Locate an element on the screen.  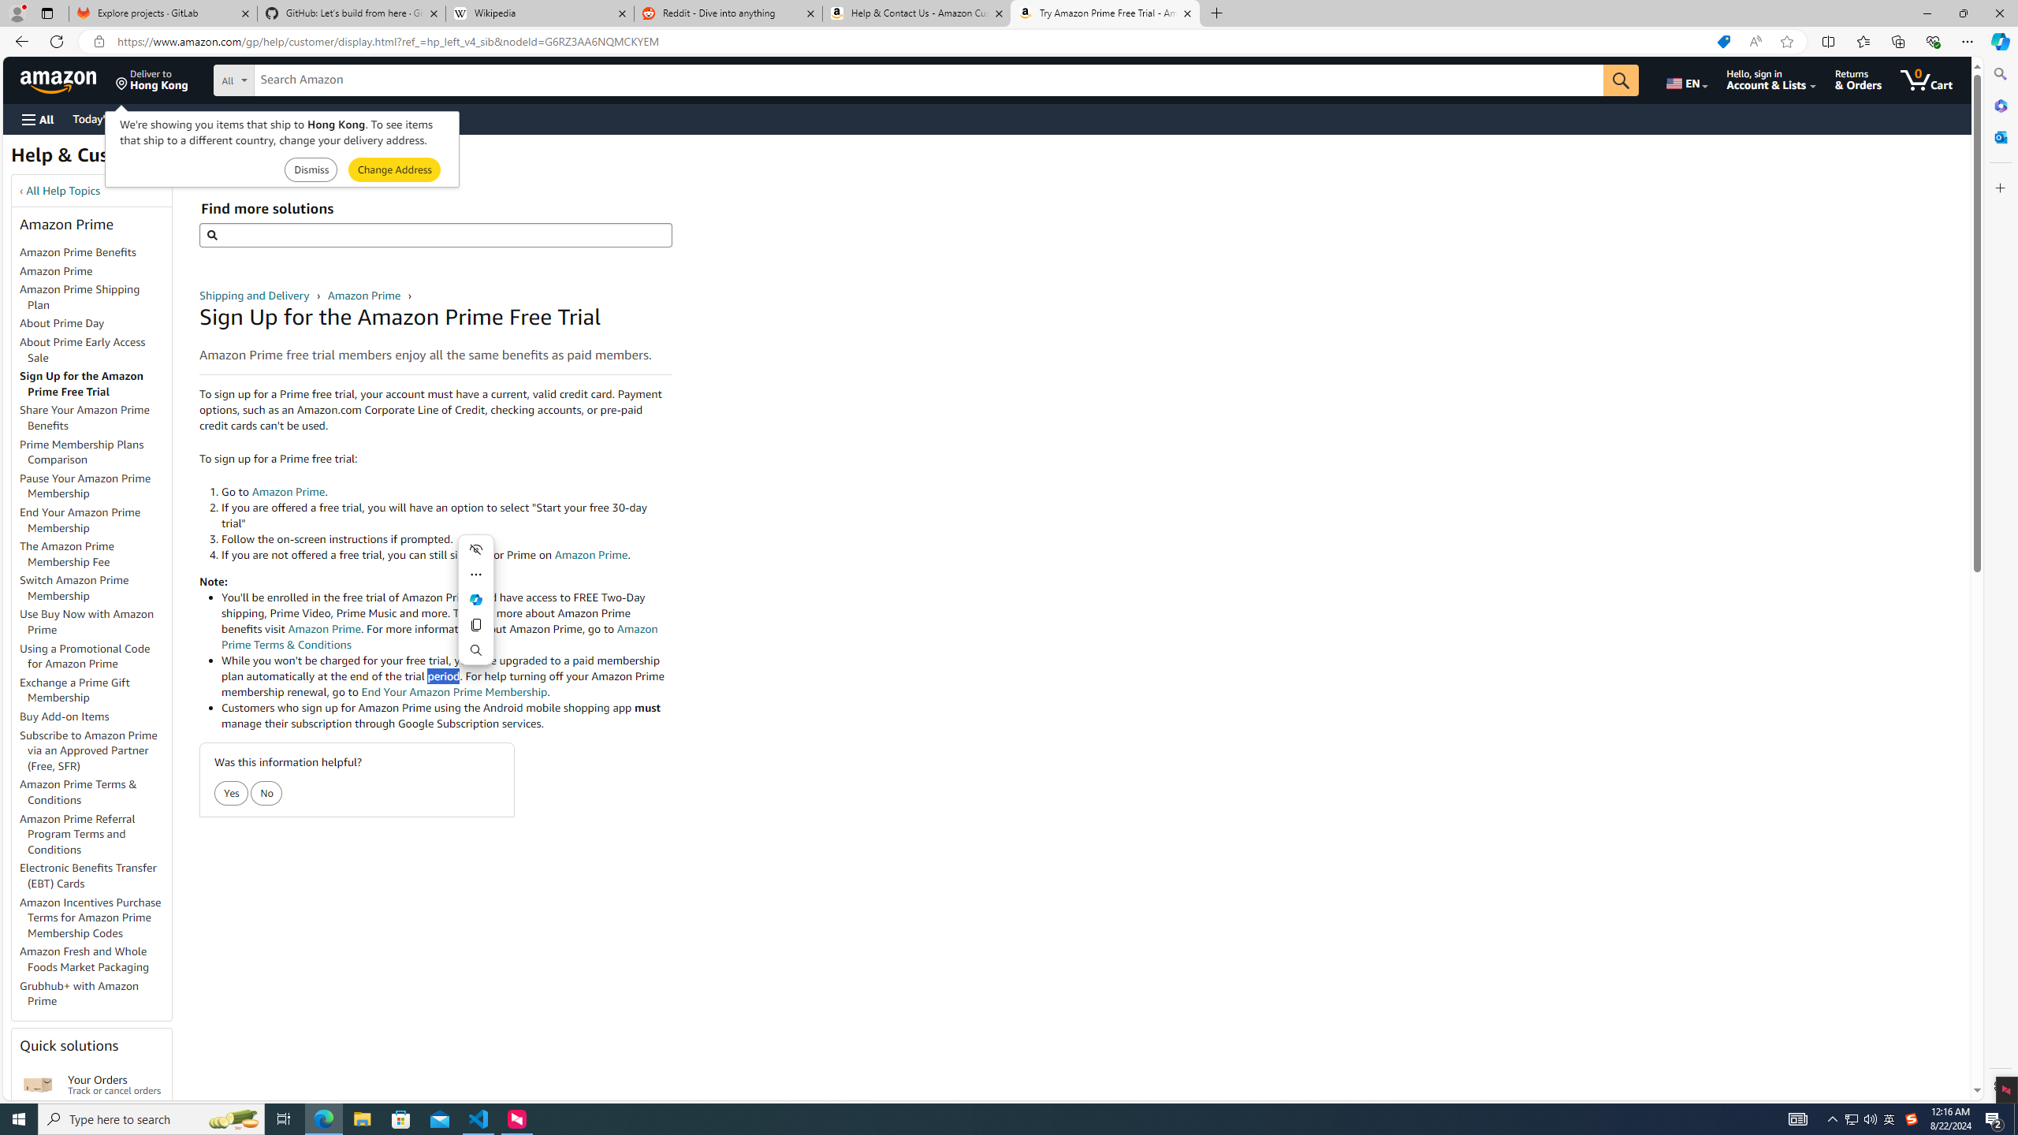
'All Help Topics' is located at coordinates (63, 190).